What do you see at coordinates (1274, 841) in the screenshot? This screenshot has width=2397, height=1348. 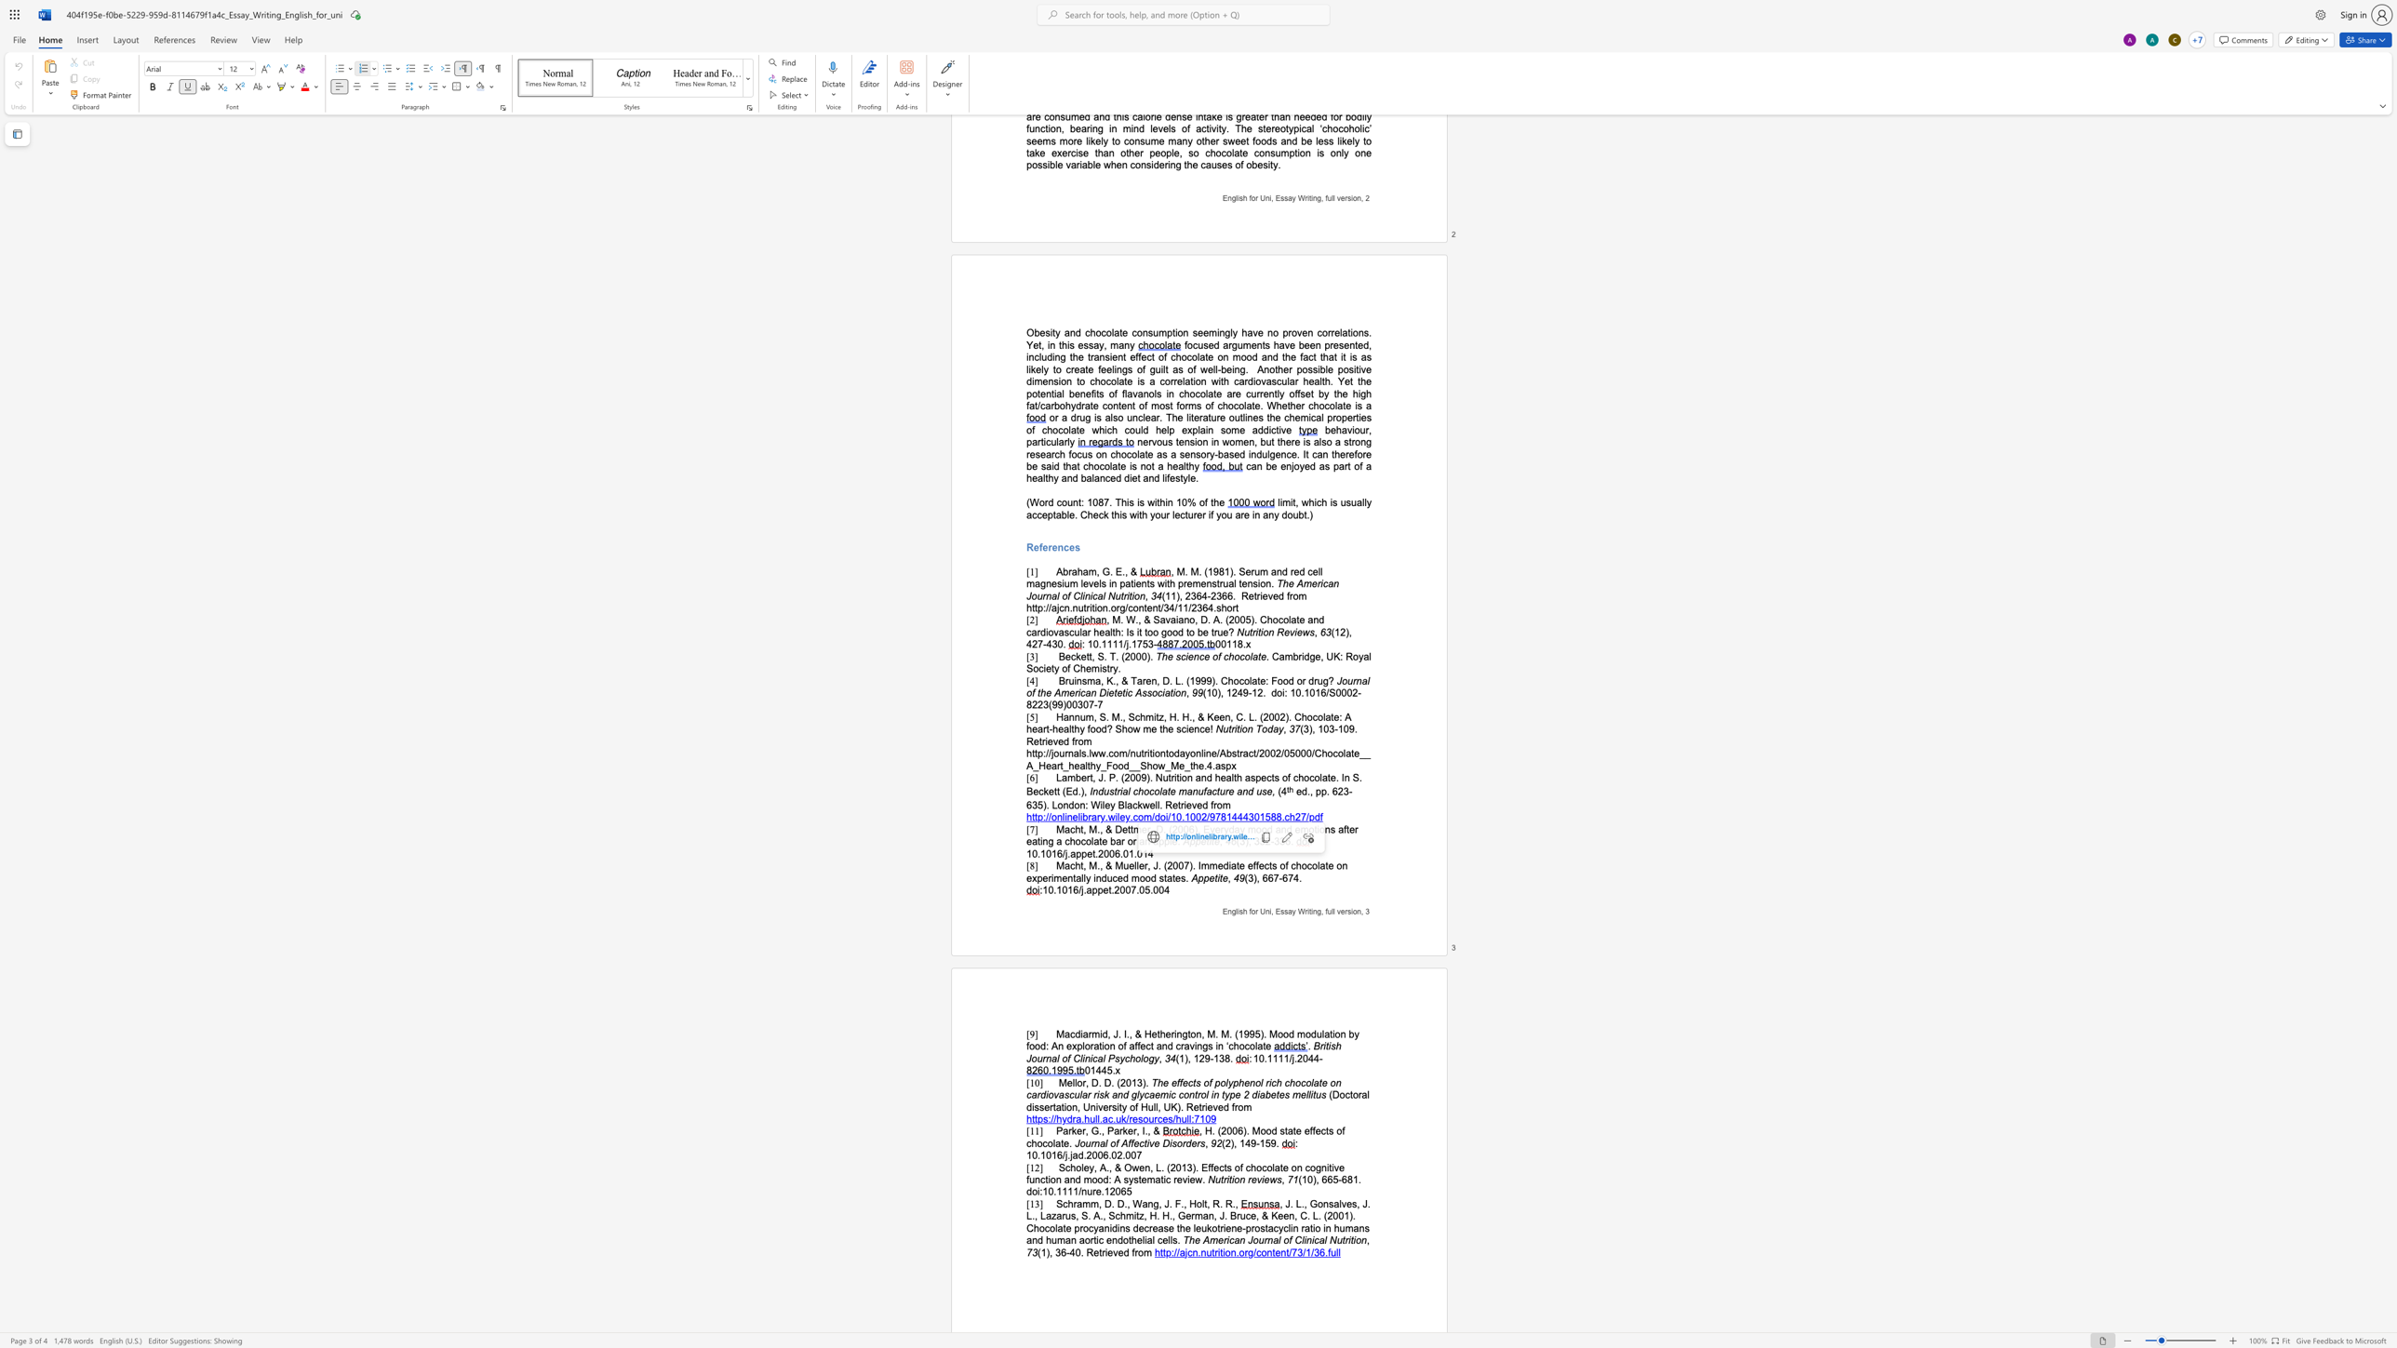 I see `the space between the continuous character "-" and "3" in the text` at bounding box center [1274, 841].